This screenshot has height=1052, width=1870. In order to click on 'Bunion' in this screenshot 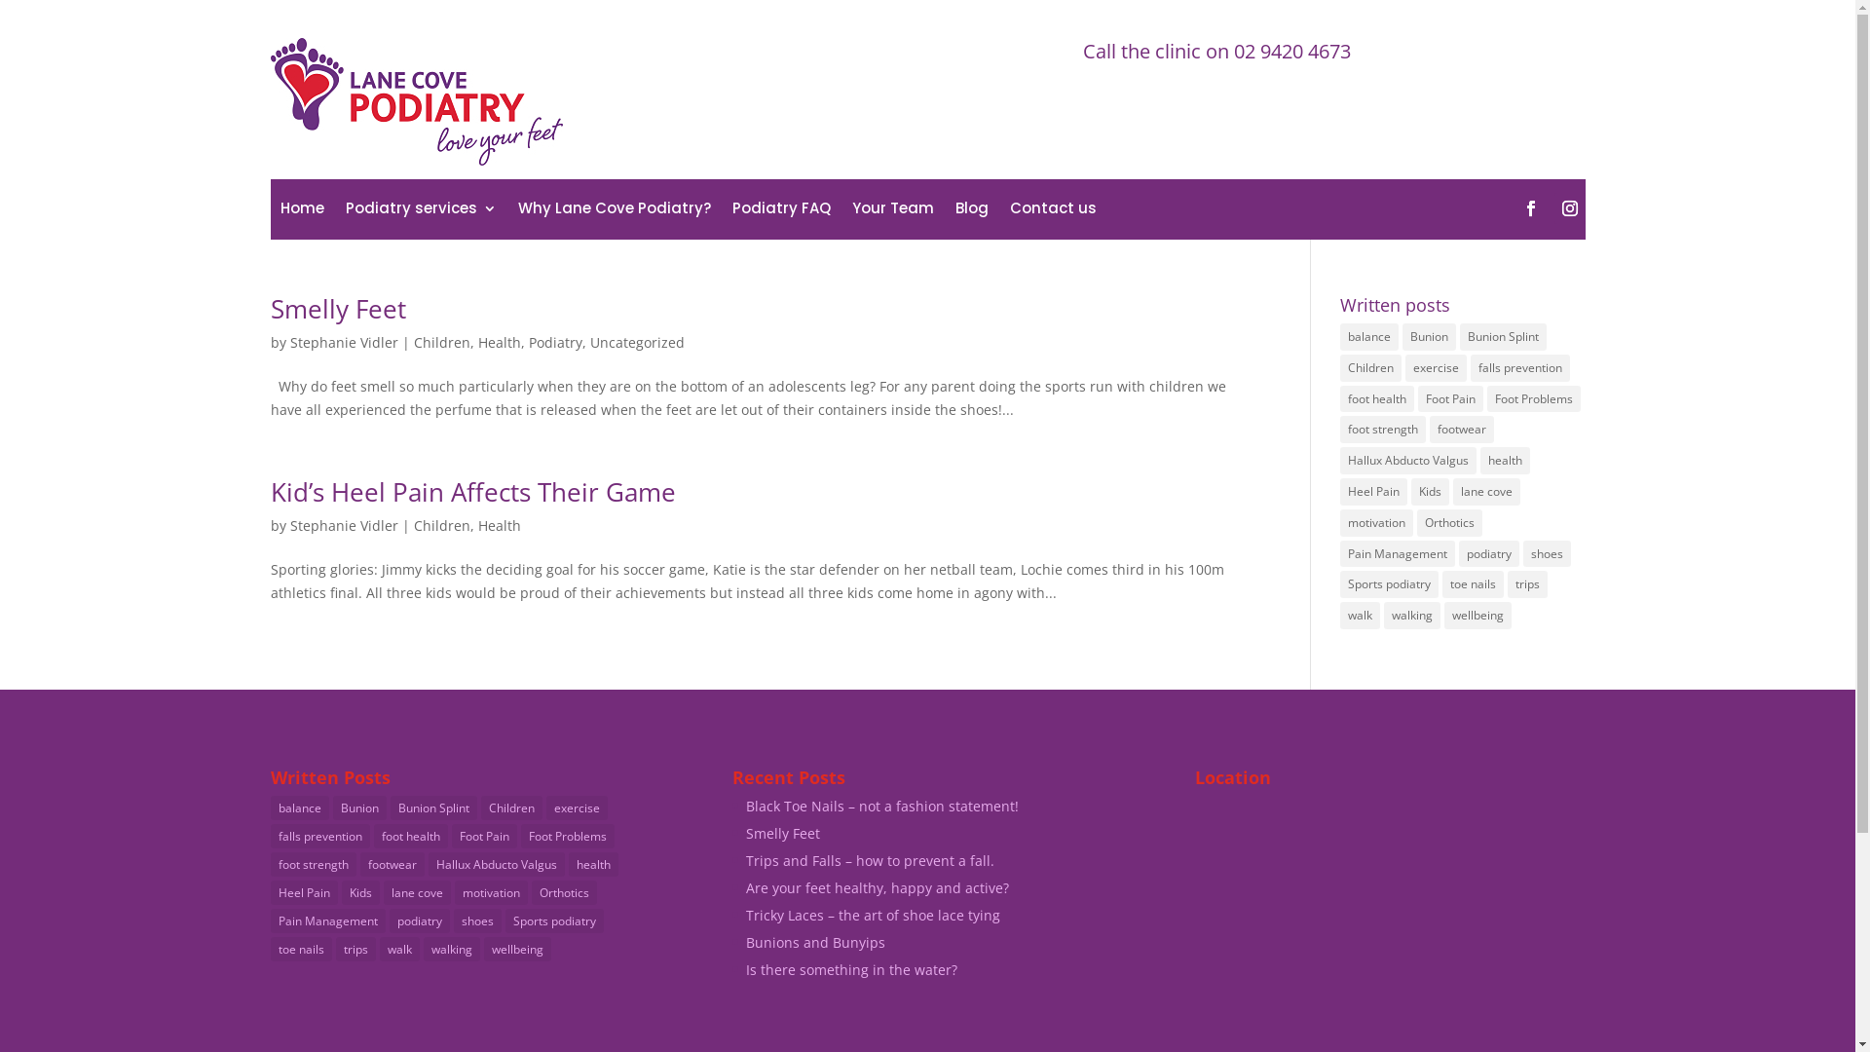, I will do `click(332, 808)`.